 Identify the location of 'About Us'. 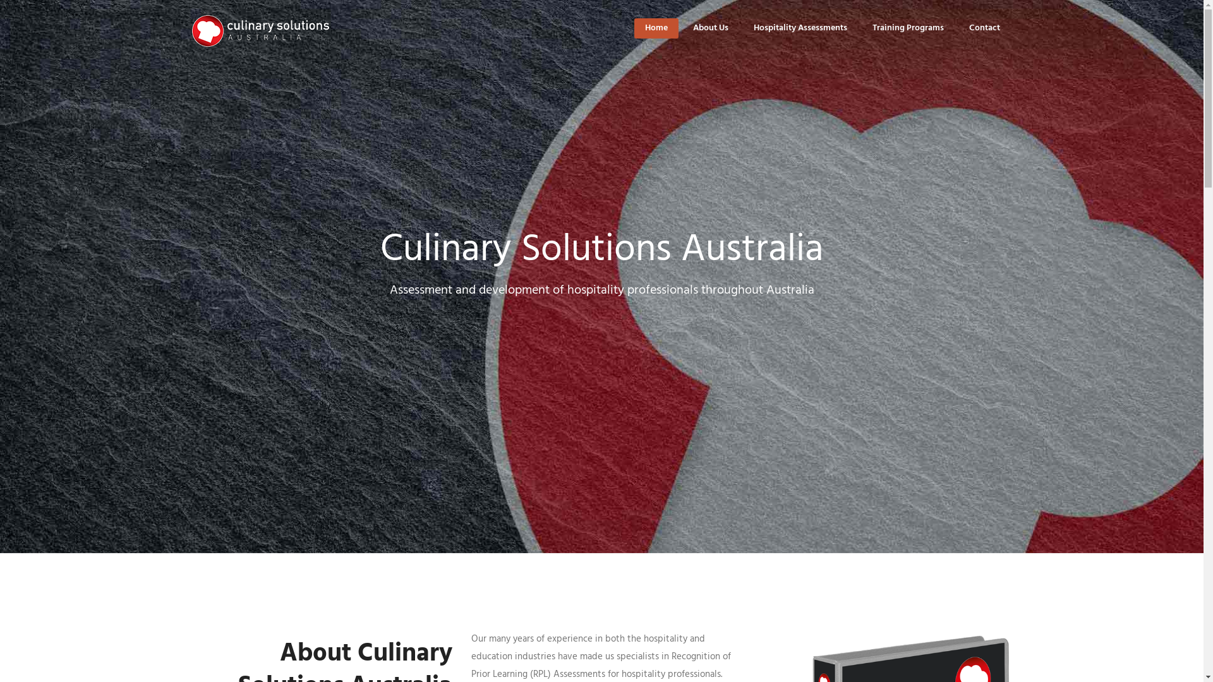
(709, 28).